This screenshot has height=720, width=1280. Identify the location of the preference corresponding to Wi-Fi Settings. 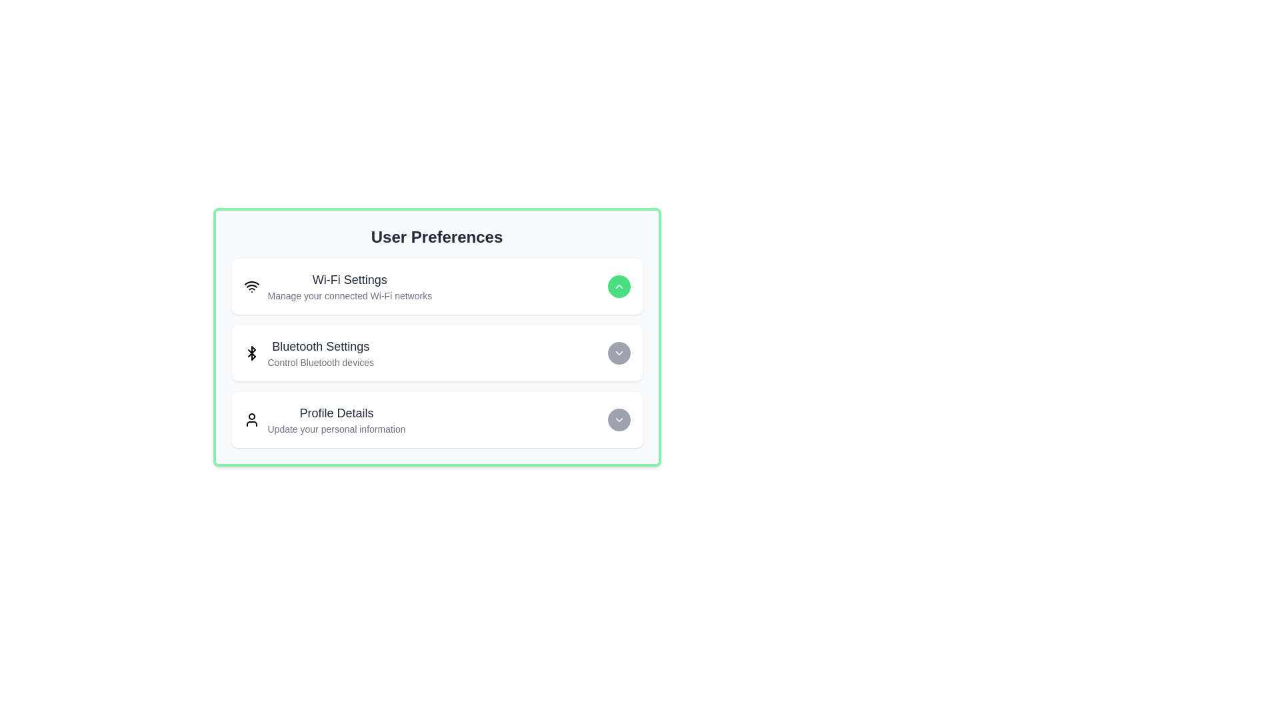
(618, 285).